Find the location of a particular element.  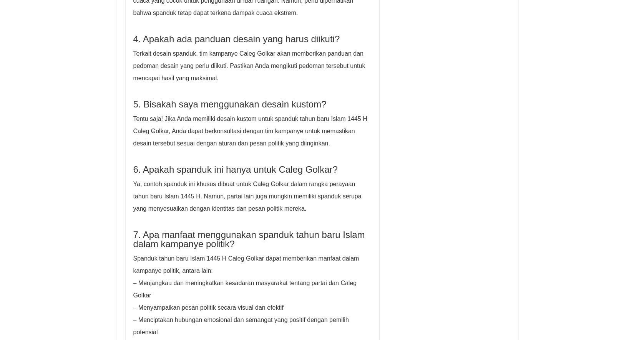

'6. Apakah spanduk ini hanya untuk Caleg Golkar?' is located at coordinates (234, 169).